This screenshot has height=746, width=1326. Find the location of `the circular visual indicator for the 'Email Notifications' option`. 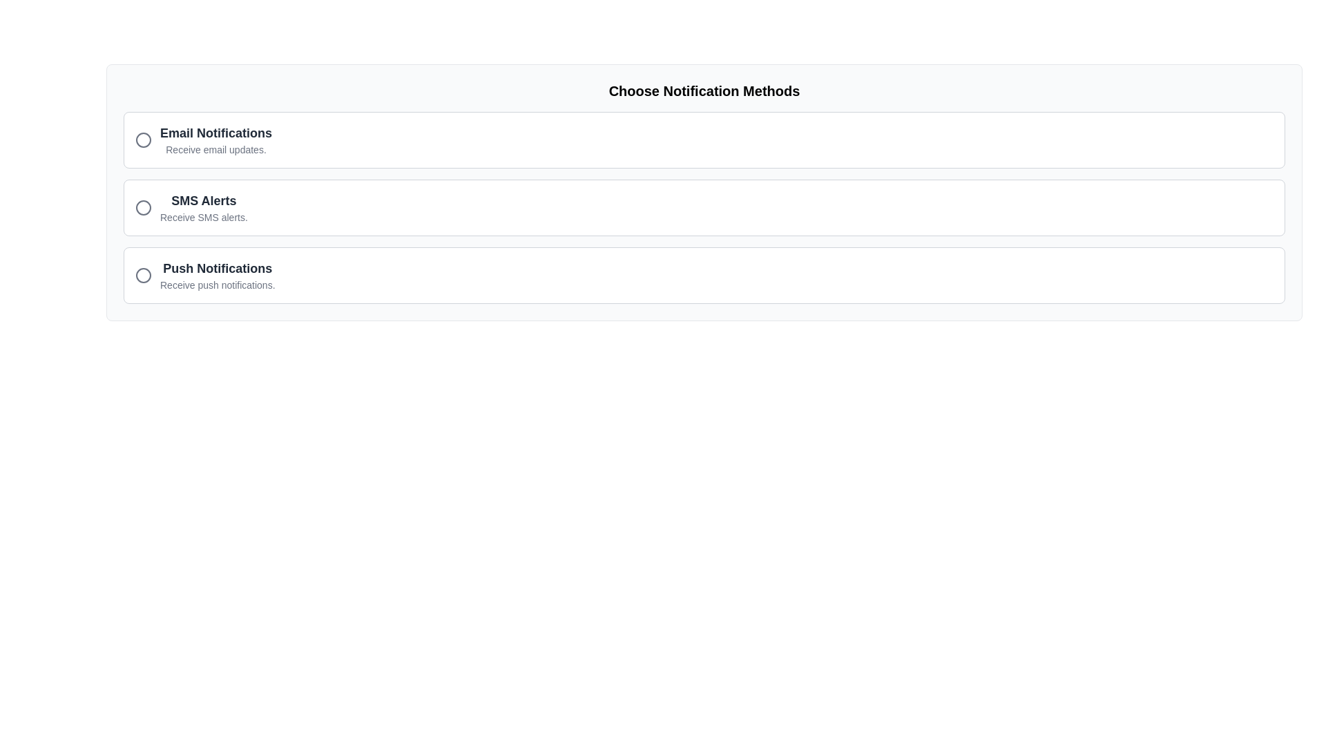

the circular visual indicator for the 'Email Notifications' option is located at coordinates (143, 140).